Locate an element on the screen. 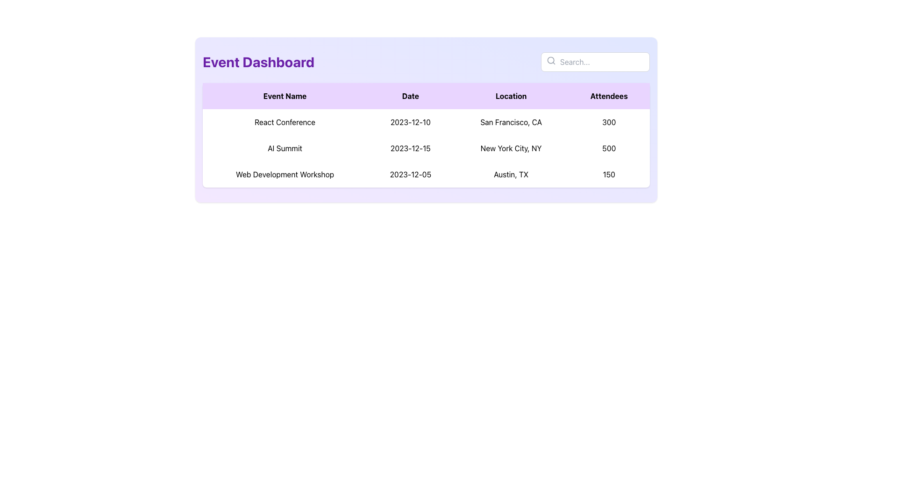 Image resolution: width=897 pixels, height=504 pixels. the third row of the event details table displaying 'Web Development Workshop', '2023-12-05', 'Austin, TX', and '150' is located at coordinates (426, 175).